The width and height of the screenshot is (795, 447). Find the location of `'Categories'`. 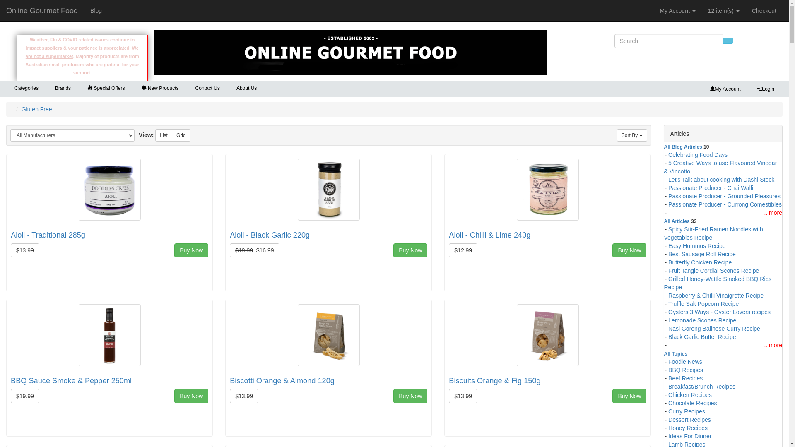

'Categories' is located at coordinates (26, 87).